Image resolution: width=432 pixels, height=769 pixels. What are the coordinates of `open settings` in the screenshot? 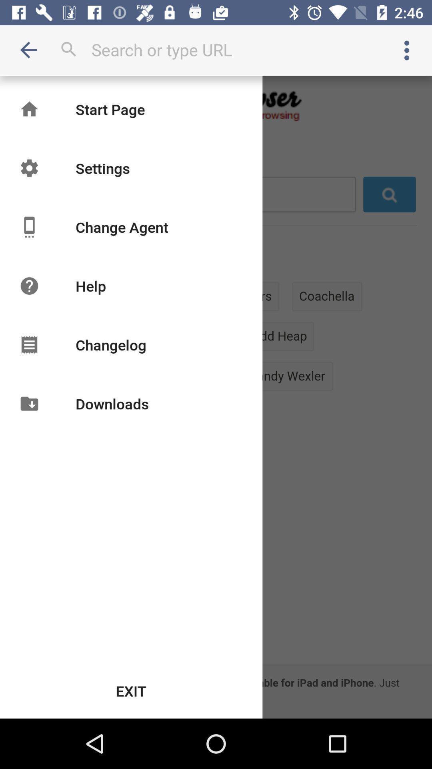 It's located at (407, 50).